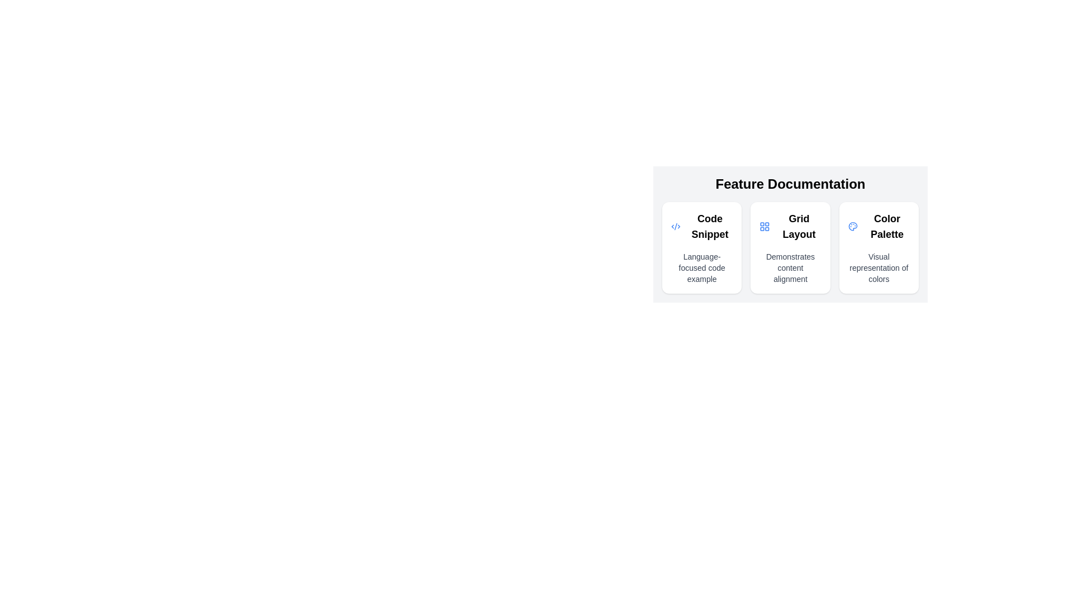 The image size is (1073, 603). I want to click on the second informational card in the horizontally aligned group that provides information about the 'Grid Layout' feature, so click(790, 247).